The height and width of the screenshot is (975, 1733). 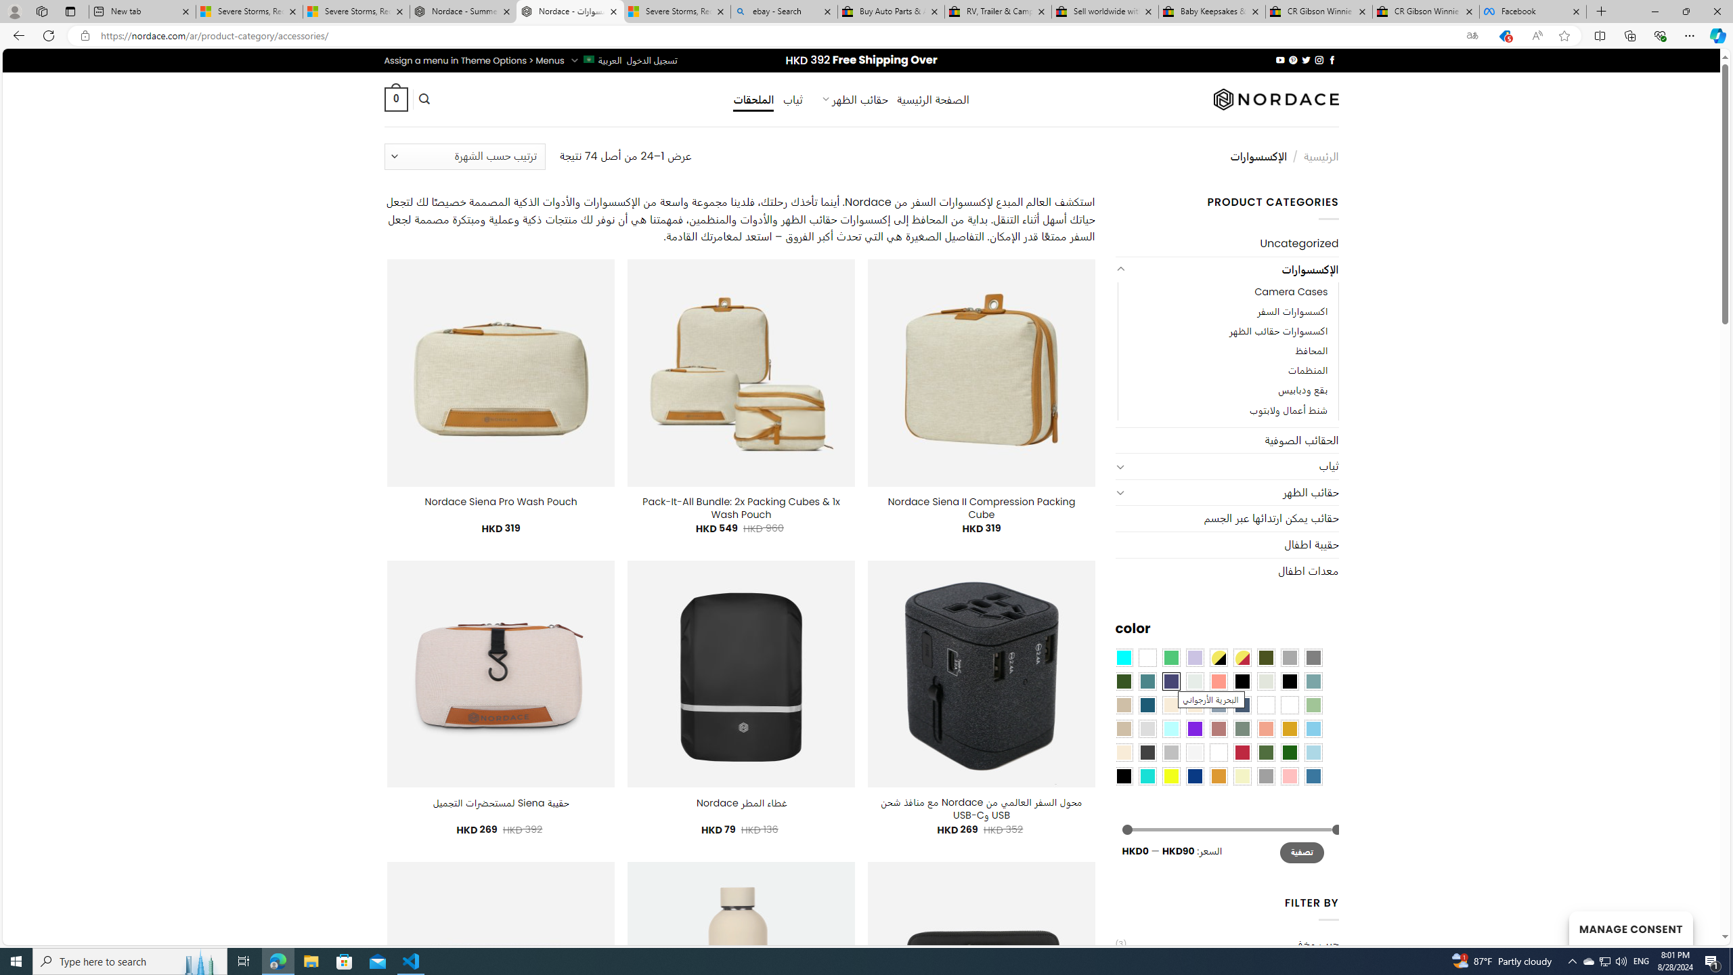 I want to click on 'Aqua Blue', so click(x=1123, y=656).